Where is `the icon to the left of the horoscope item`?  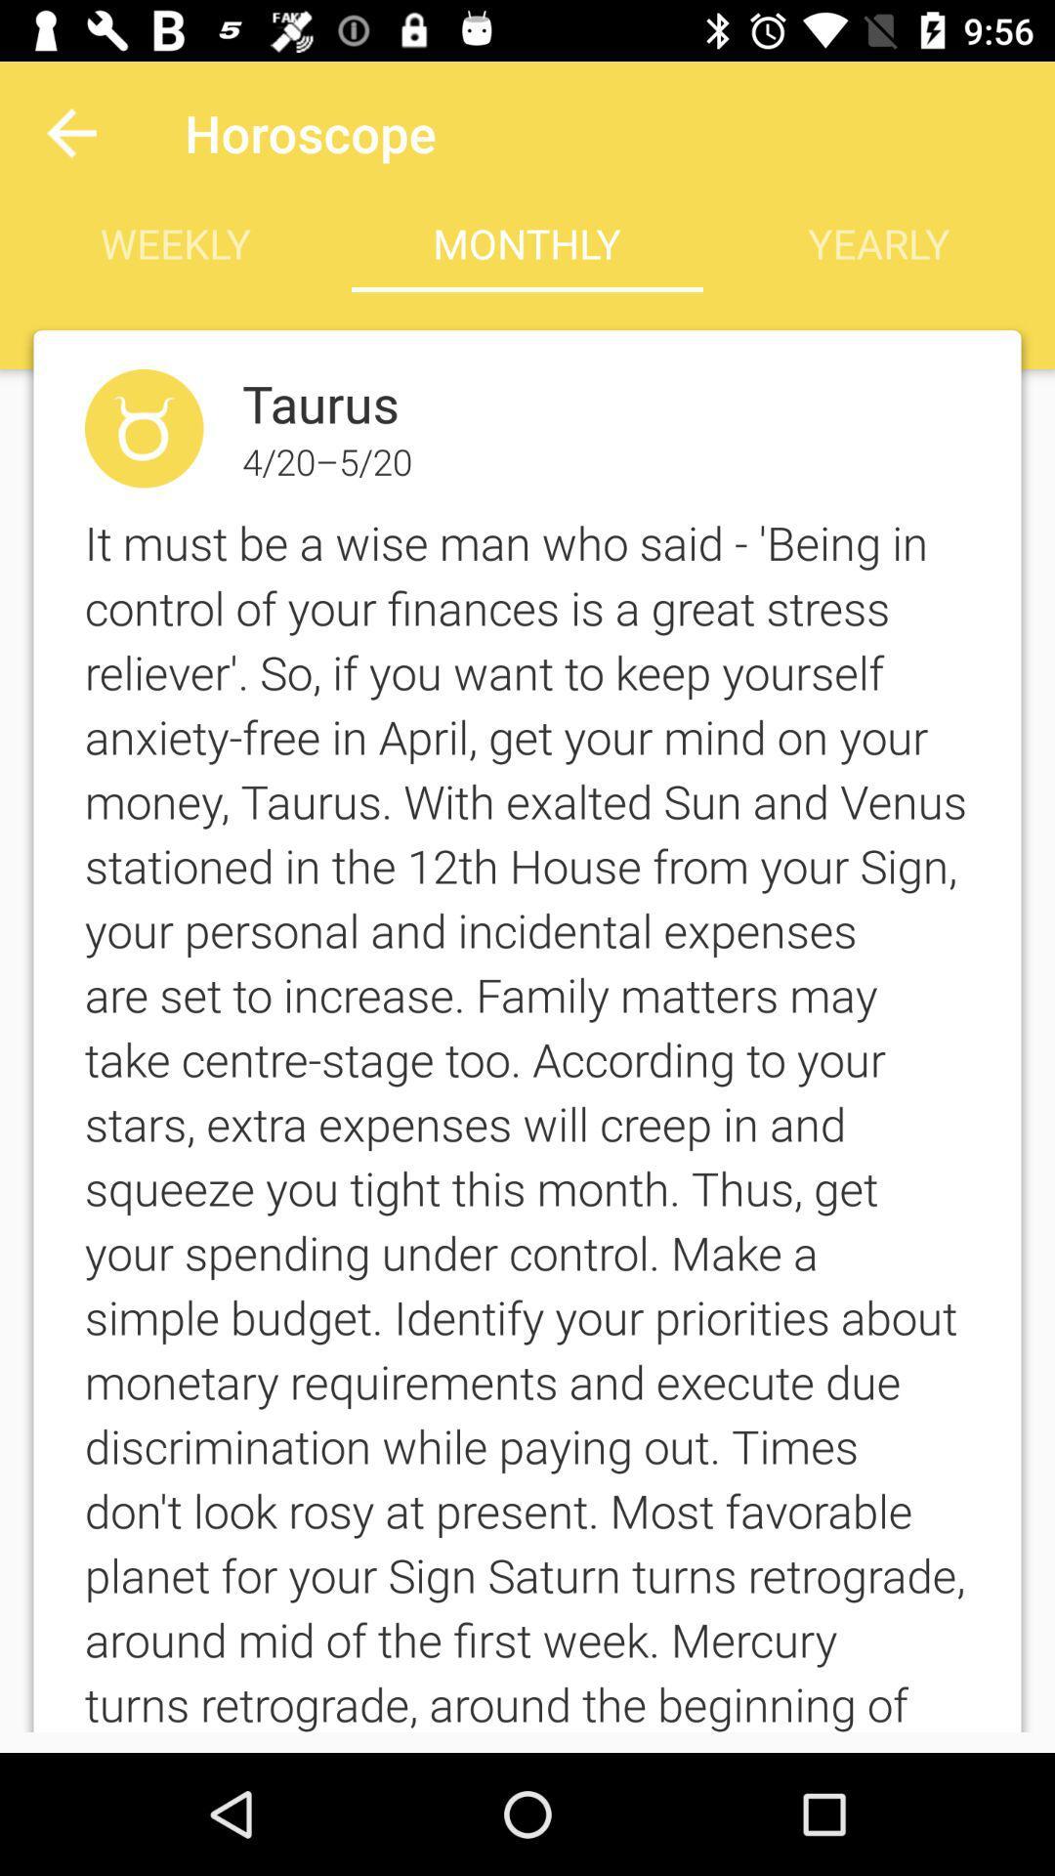 the icon to the left of the horoscope item is located at coordinates (70, 132).